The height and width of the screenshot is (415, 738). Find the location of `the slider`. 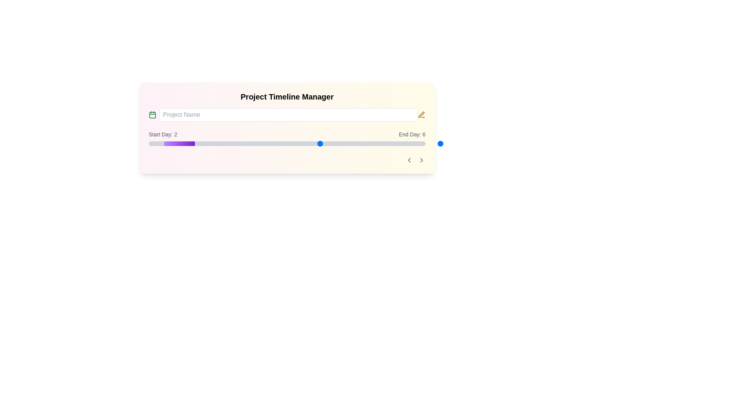

the slider is located at coordinates (287, 144).